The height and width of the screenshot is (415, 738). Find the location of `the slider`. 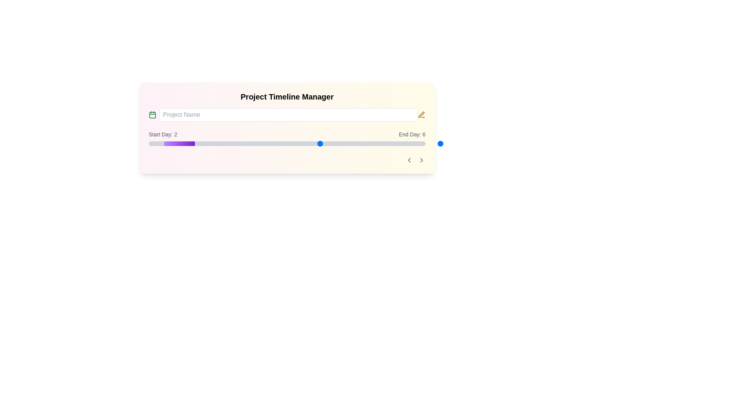

the slider is located at coordinates (287, 144).